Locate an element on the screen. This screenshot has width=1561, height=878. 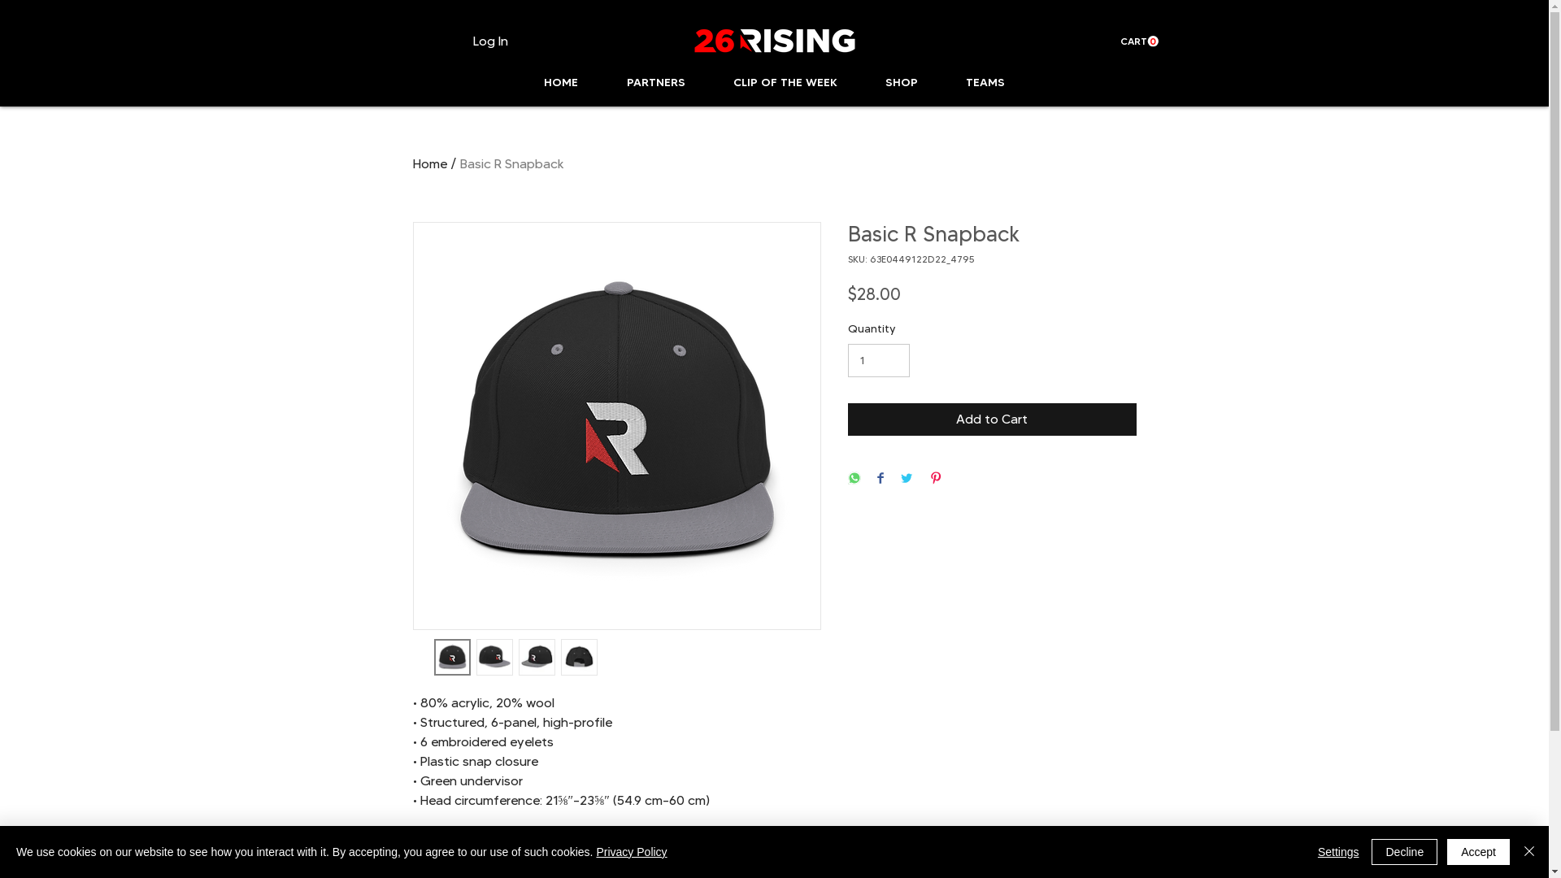
'Privacy Policy' is located at coordinates (595, 851).